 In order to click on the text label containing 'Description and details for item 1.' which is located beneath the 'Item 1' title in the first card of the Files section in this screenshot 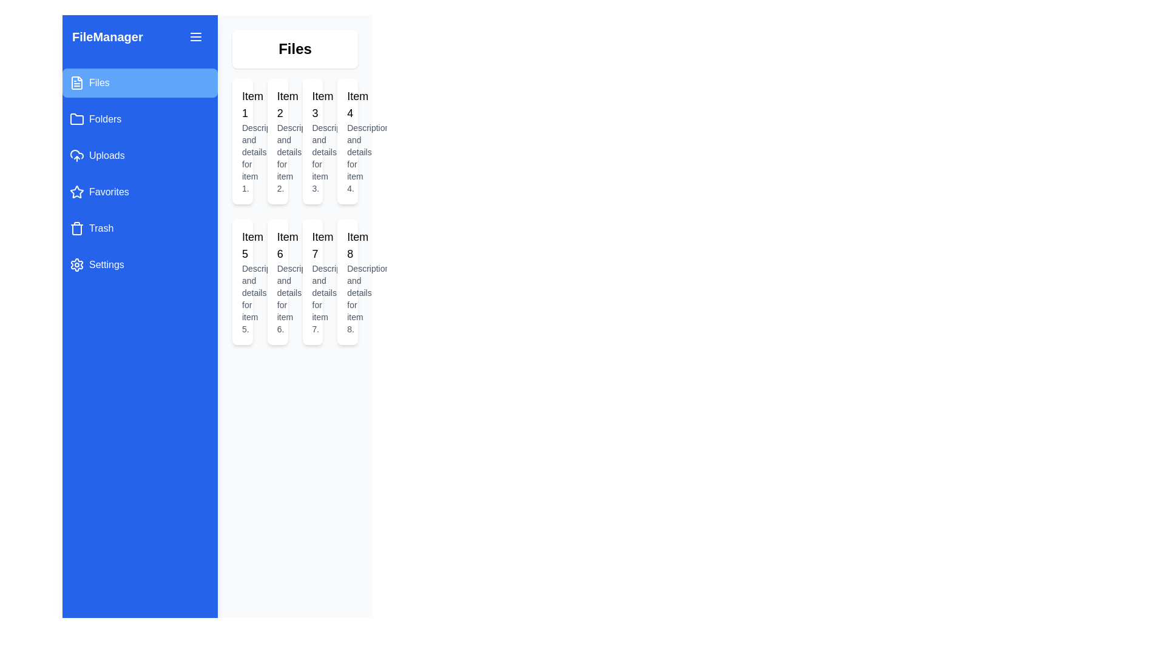, I will do `click(242, 158)`.